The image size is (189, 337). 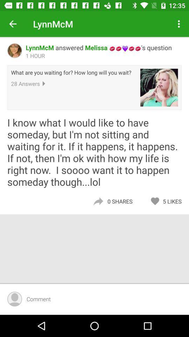 What do you see at coordinates (180, 24) in the screenshot?
I see `app to the right of the lynnmcm item` at bounding box center [180, 24].